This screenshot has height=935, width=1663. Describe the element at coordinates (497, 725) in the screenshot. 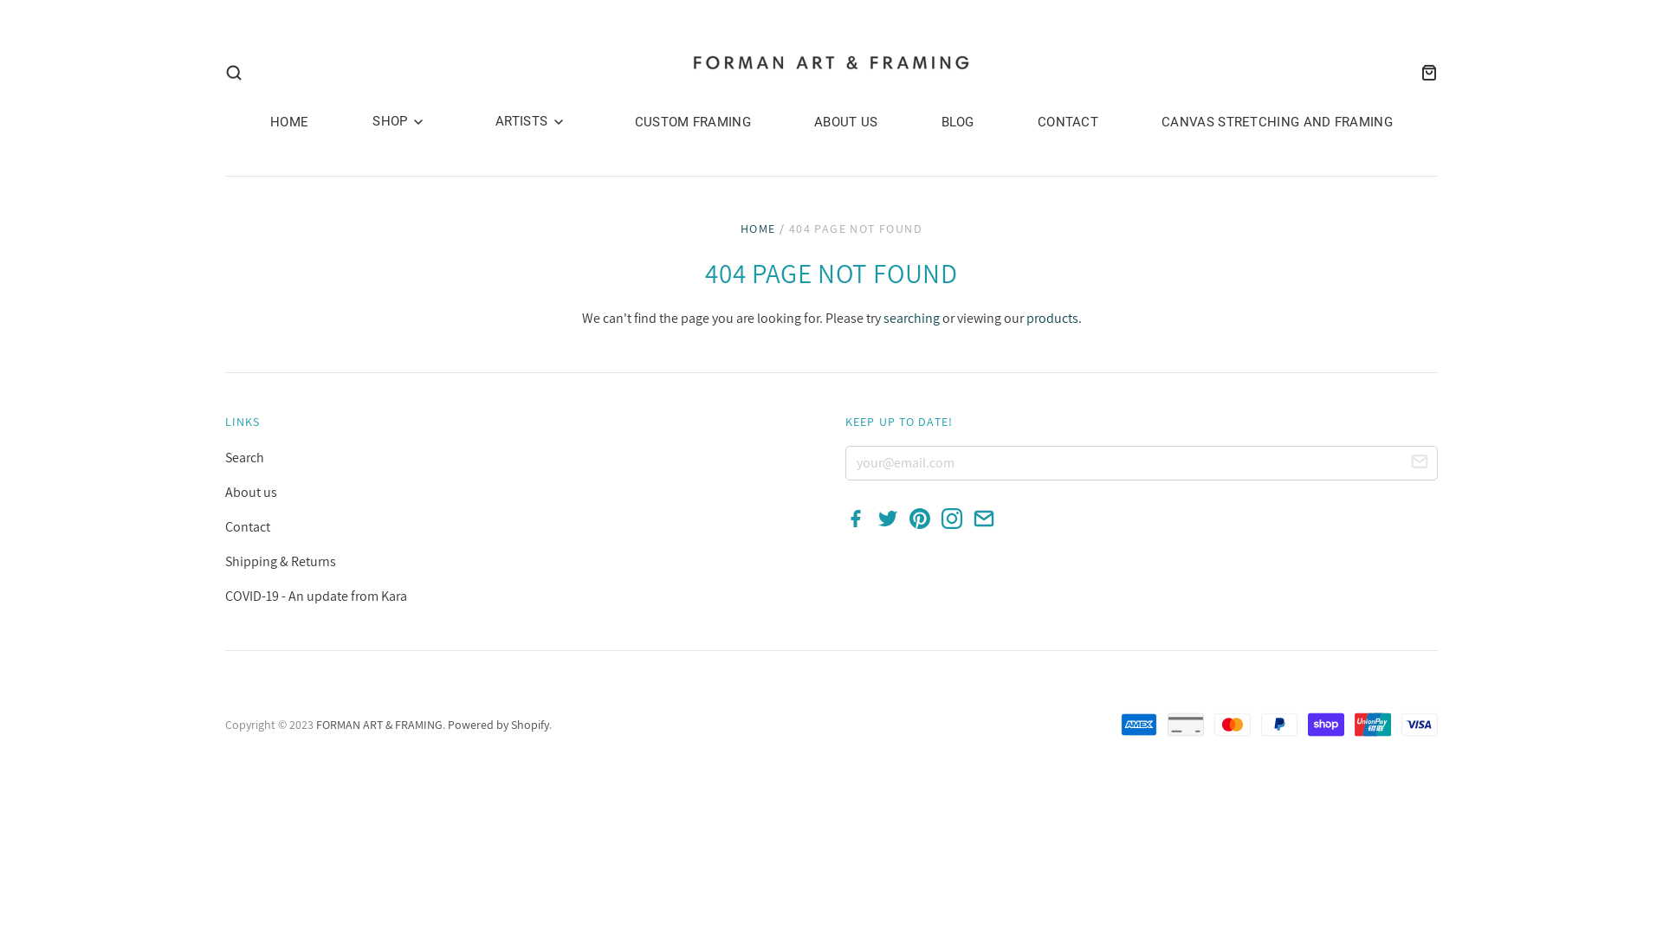

I see `'Powered by Shopify'` at that location.